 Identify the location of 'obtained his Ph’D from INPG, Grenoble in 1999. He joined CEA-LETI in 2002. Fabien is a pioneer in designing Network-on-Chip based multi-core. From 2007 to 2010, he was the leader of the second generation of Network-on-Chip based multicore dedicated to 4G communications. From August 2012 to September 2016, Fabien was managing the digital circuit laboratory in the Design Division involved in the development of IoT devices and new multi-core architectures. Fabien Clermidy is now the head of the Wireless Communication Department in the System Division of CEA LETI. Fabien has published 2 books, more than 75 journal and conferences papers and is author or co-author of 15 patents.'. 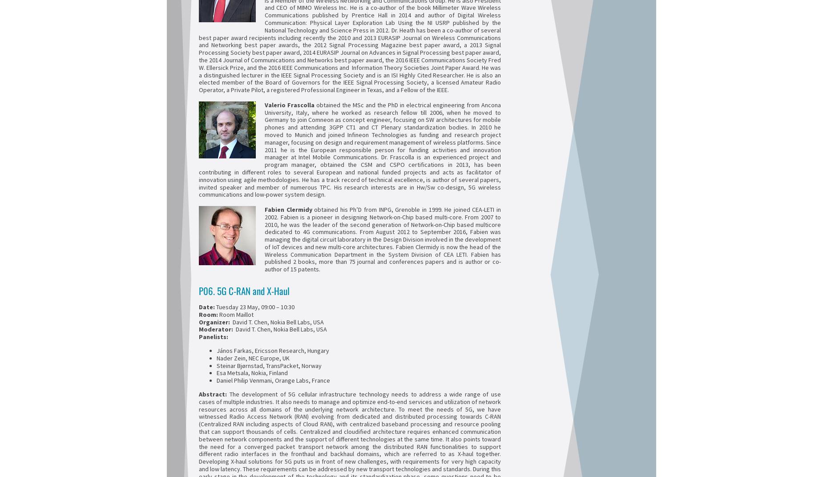
(383, 238).